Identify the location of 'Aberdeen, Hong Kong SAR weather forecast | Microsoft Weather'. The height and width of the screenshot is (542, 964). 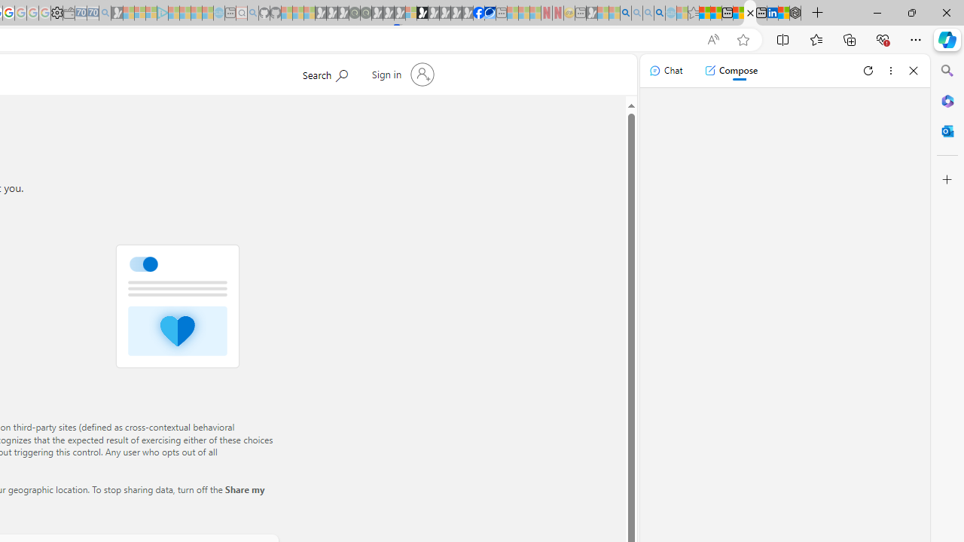
(715, 13).